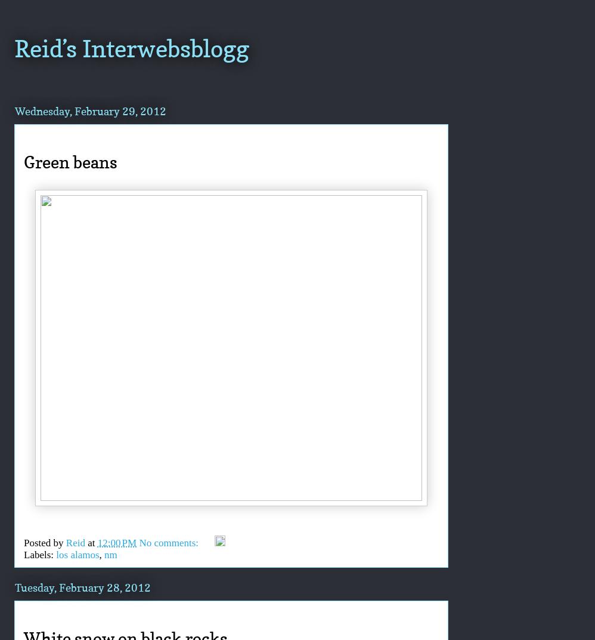 The image size is (595, 640). I want to click on 'Wednesday, February 29, 2012', so click(89, 110).